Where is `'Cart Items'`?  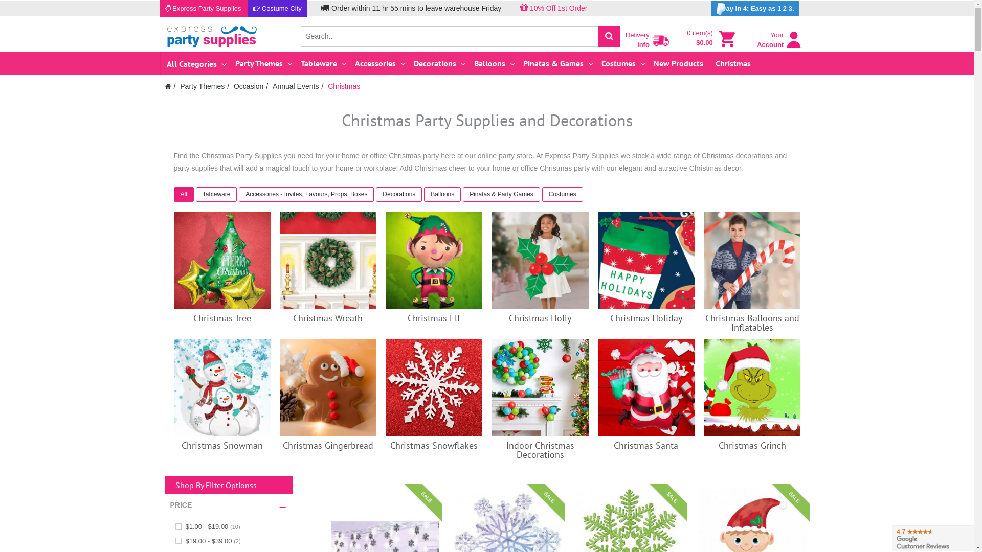
'Cart Items' is located at coordinates (726, 38).